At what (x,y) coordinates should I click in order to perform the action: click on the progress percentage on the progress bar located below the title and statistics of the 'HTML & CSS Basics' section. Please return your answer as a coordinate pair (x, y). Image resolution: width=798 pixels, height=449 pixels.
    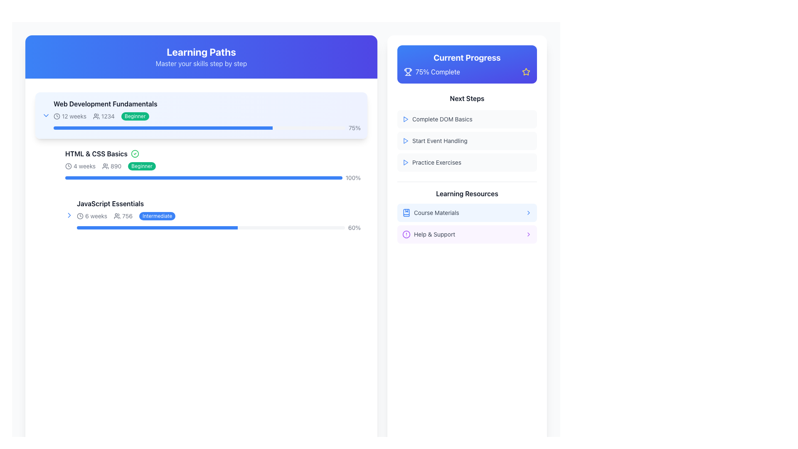
    Looking at the image, I should click on (204, 178).